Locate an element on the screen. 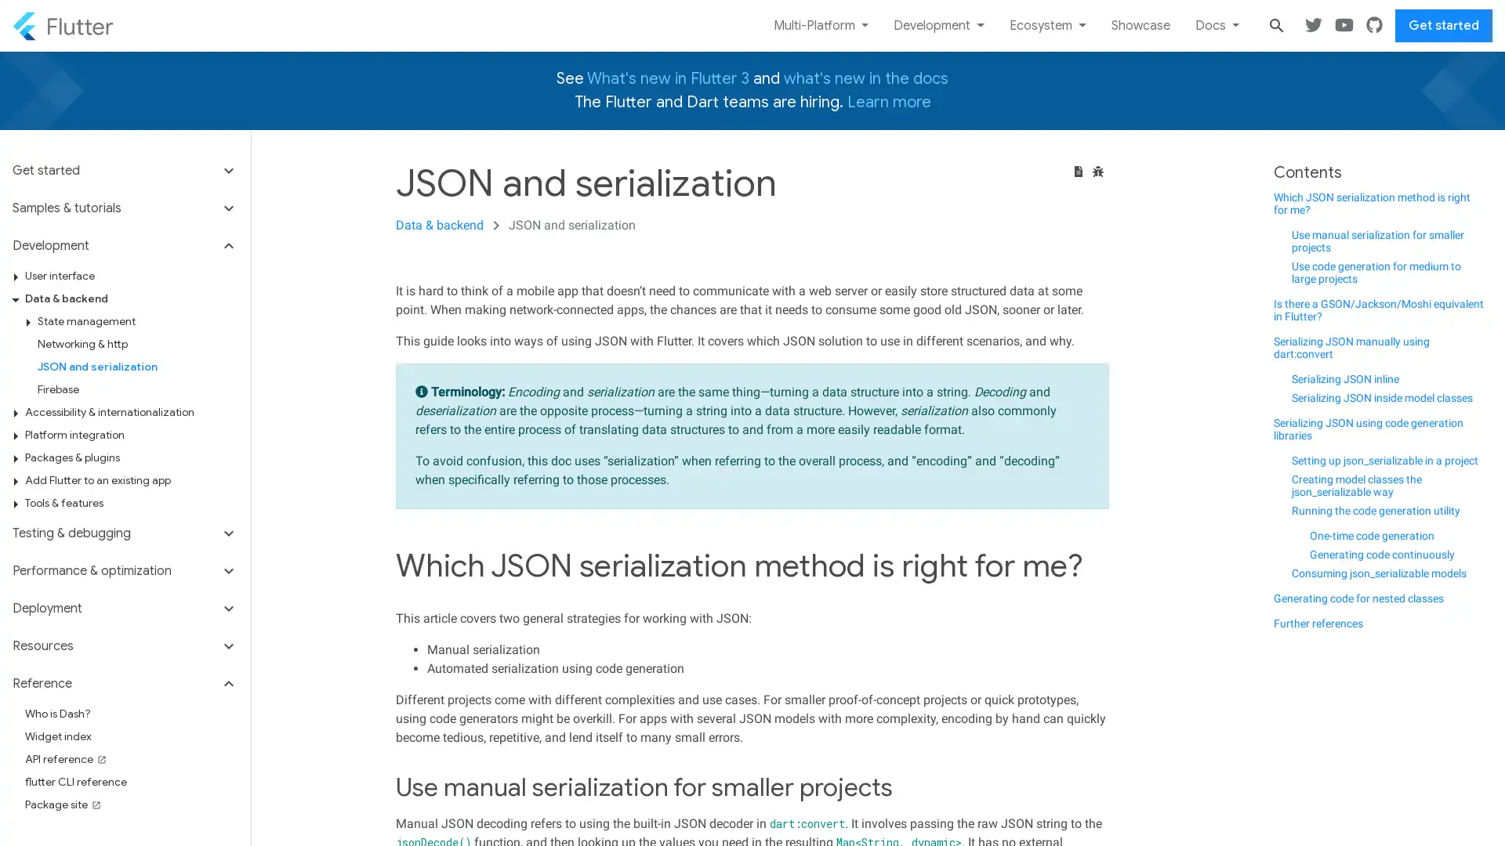 The image size is (1505, 846). Resources keyboard_arrow_down is located at coordinates (124, 646).